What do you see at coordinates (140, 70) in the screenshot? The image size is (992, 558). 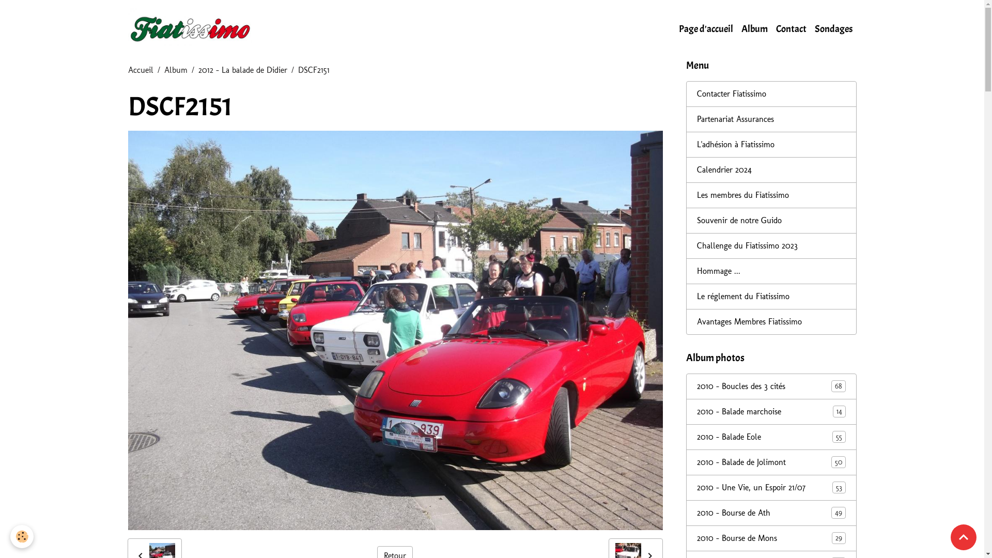 I see `'Accueil'` at bounding box center [140, 70].